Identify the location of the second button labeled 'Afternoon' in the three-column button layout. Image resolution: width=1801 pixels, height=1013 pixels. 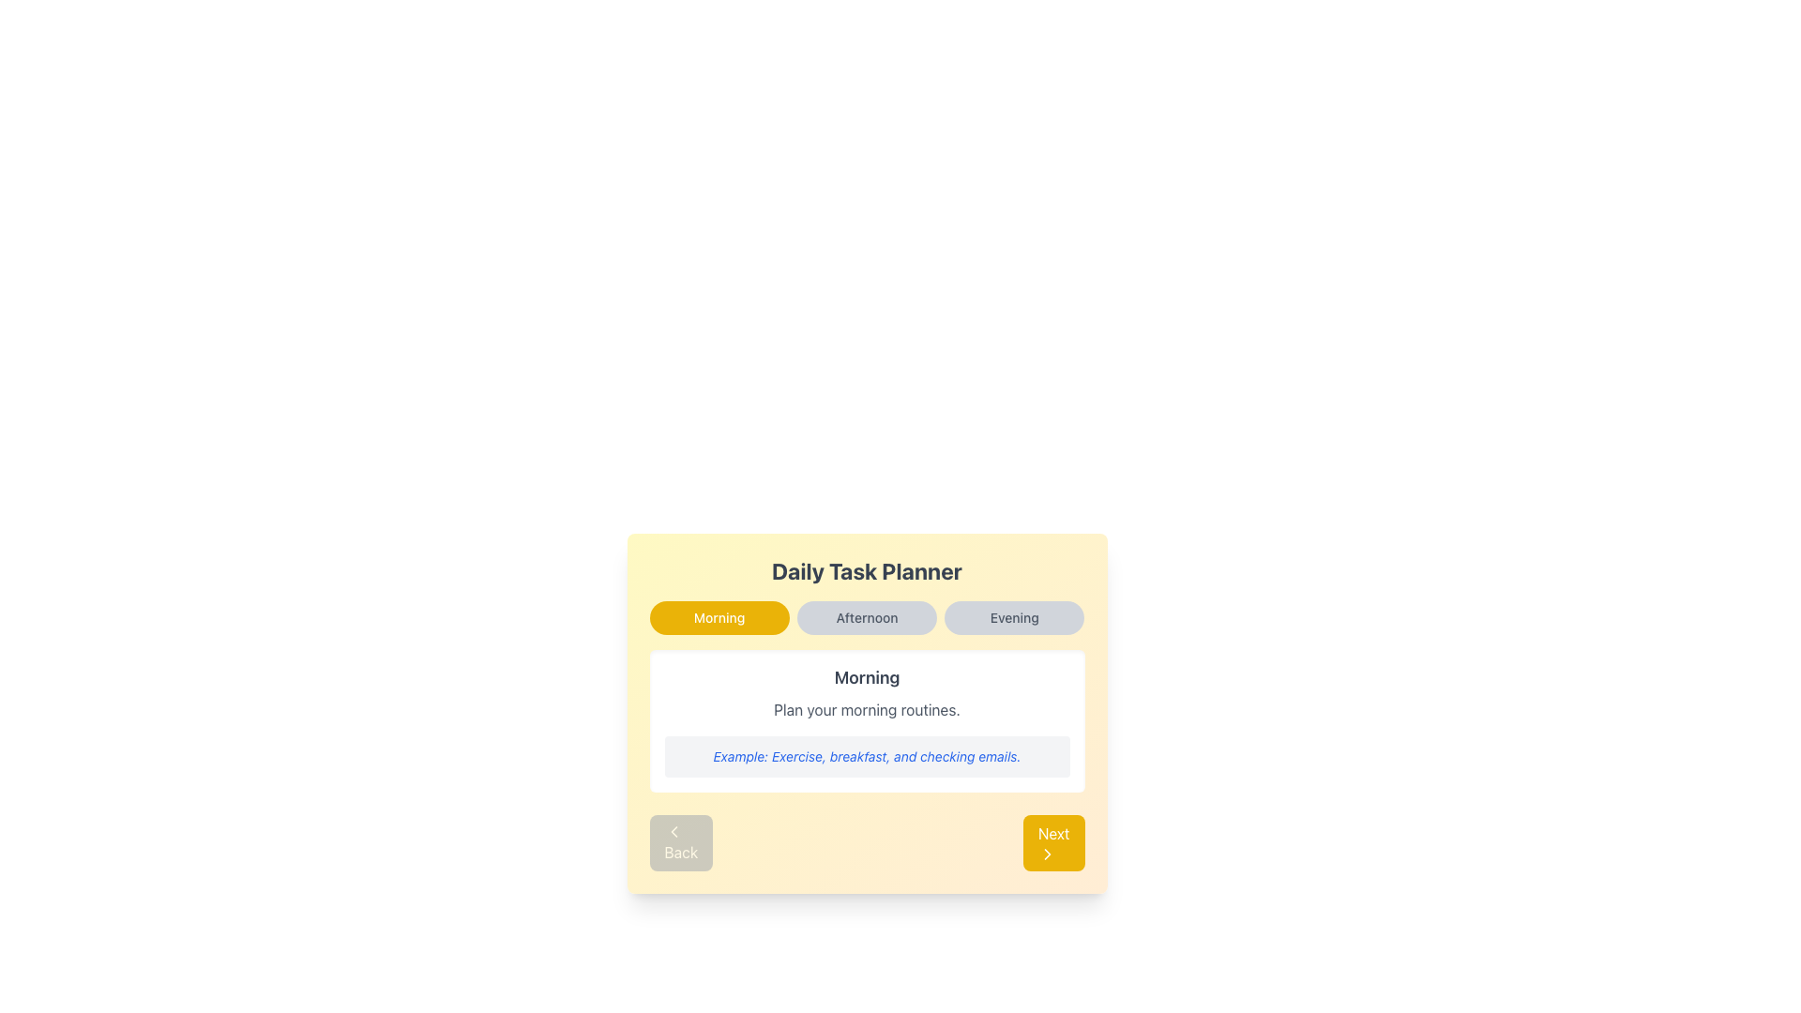
(866, 618).